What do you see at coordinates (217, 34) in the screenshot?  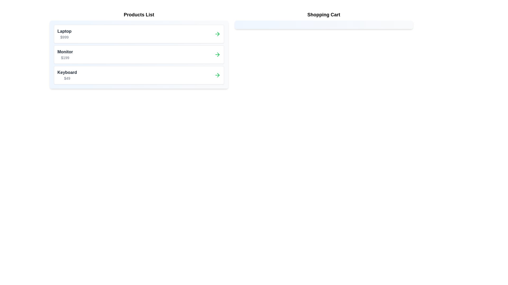 I see `arrow button next to the product labeled Laptop in the 'Products List' to transfer it to the 'Shopping Cart'` at bounding box center [217, 34].